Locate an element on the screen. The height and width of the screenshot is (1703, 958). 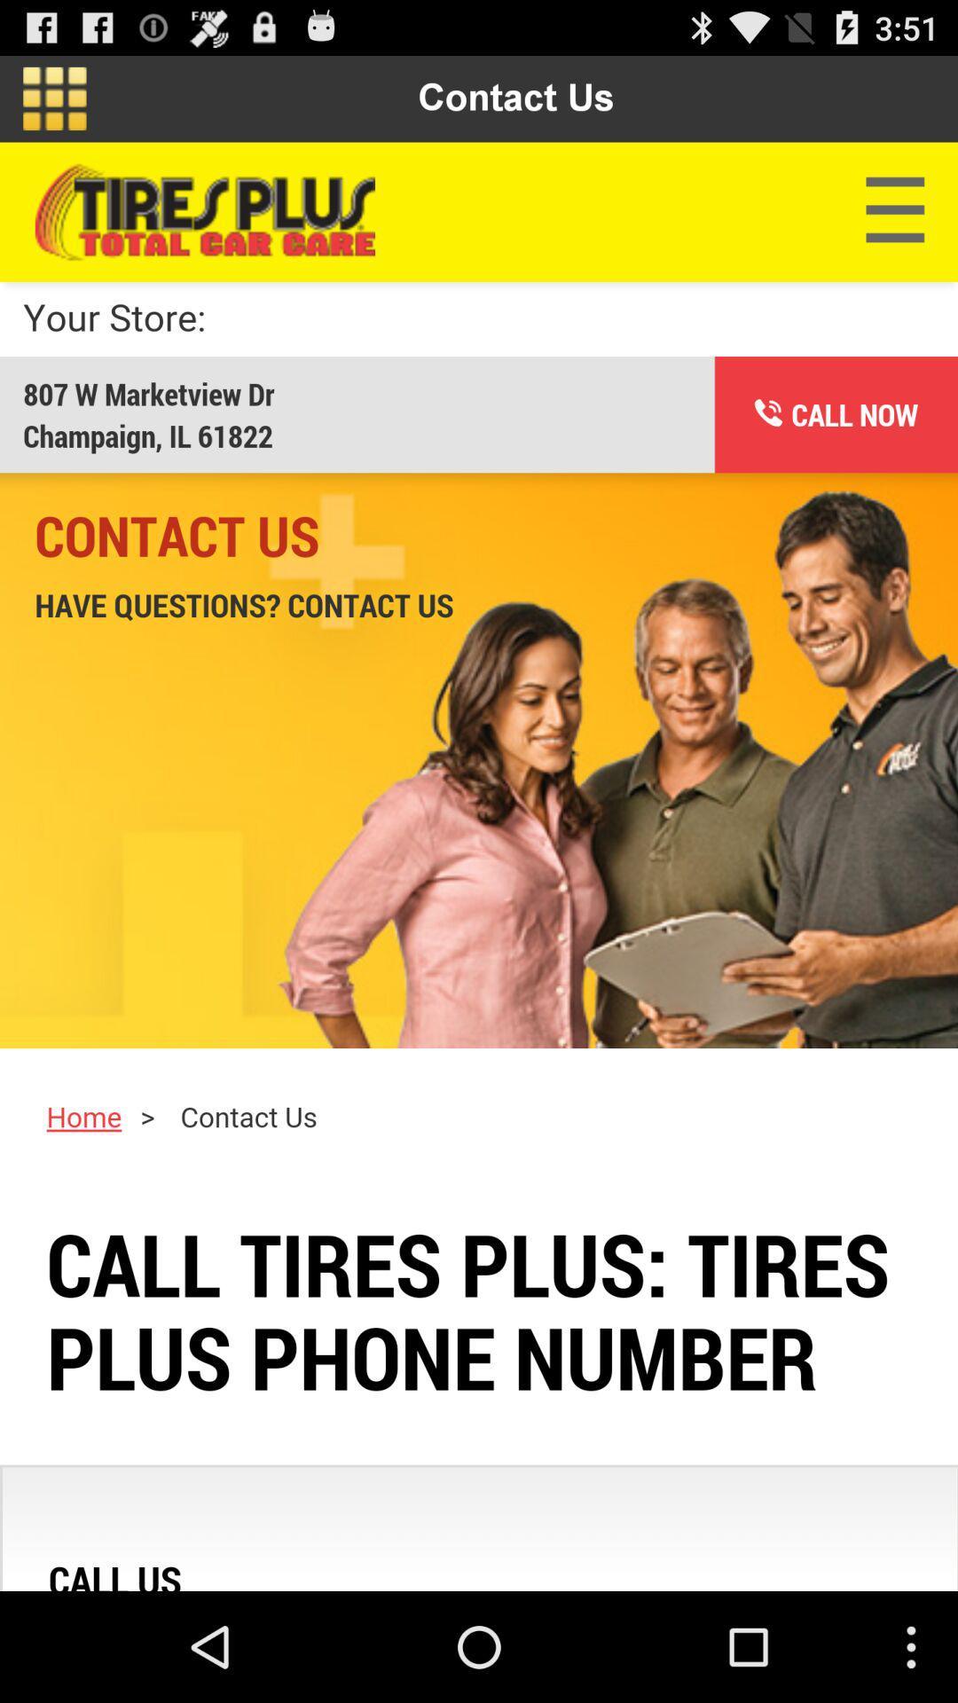
the dashboard icon is located at coordinates (53, 105).